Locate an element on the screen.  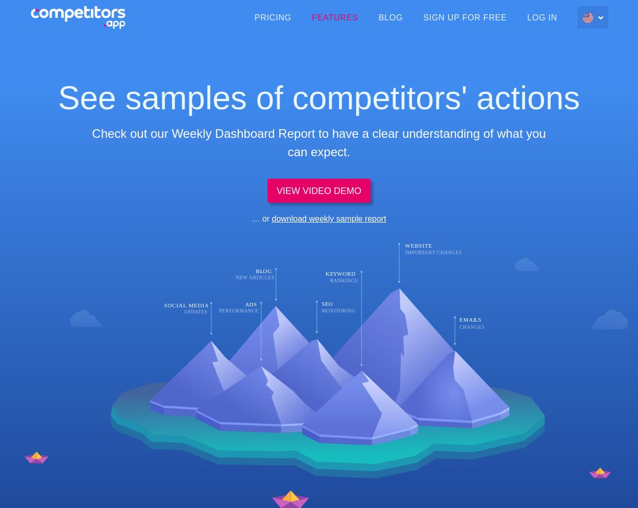
'PERFORMANCE' is located at coordinates (238, 310).